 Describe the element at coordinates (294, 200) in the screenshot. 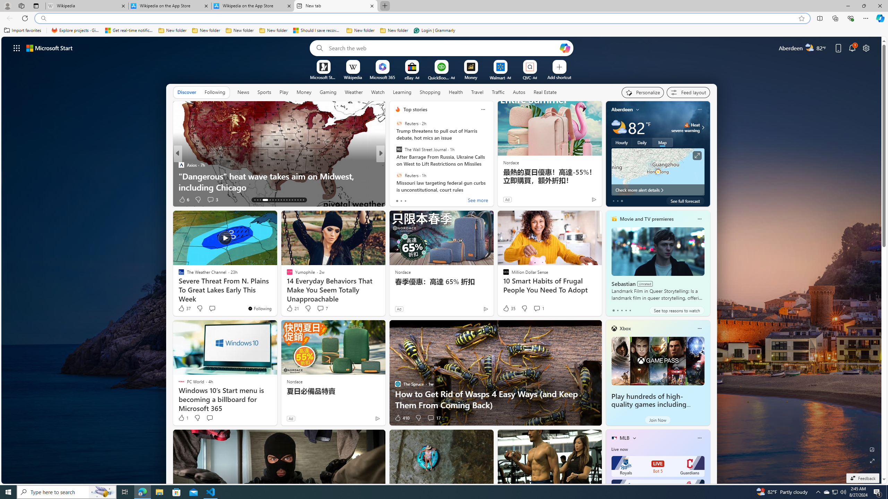

I see `'AutomationID: tab-26'` at that location.